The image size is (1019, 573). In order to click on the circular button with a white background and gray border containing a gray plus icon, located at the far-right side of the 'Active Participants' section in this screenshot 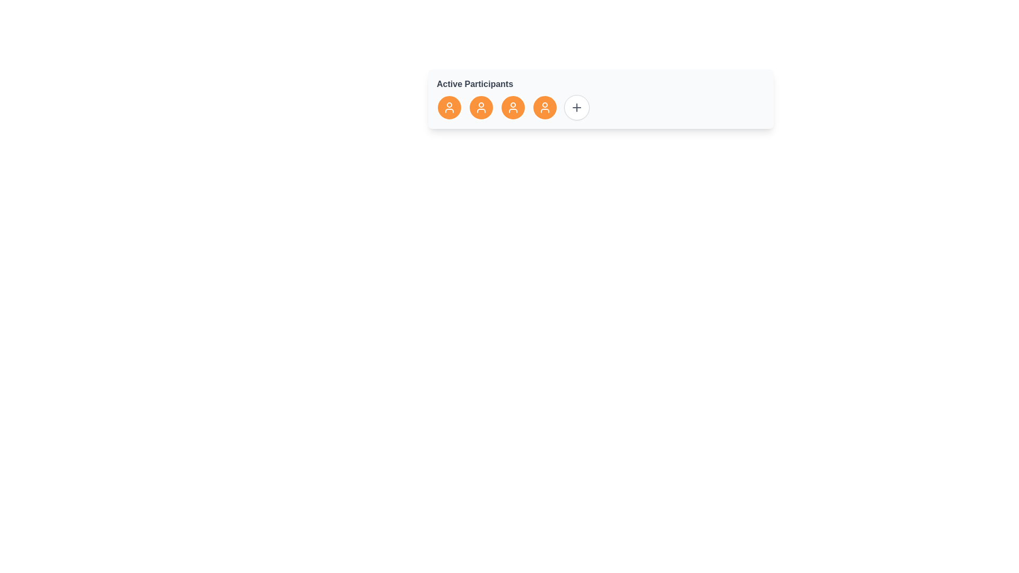, I will do `click(576, 108)`.